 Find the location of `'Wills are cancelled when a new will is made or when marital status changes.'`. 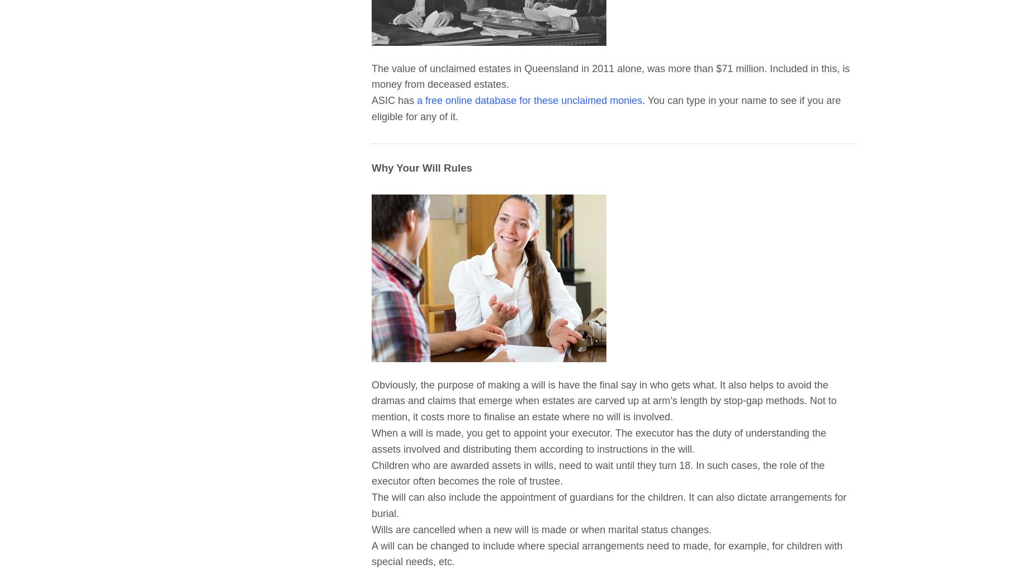

'Wills are cancelled when a new will is made or when marital status changes.' is located at coordinates (371, 529).